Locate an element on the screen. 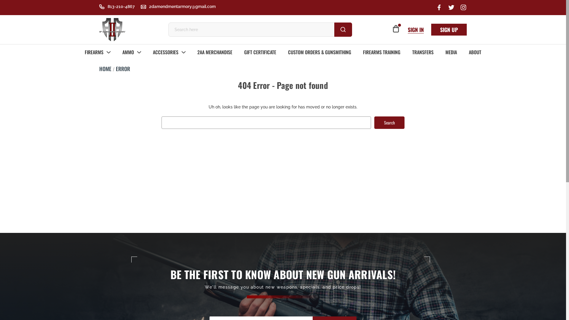 This screenshot has width=569, height=320. 'Facebook' is located at coordinates (439, 7).